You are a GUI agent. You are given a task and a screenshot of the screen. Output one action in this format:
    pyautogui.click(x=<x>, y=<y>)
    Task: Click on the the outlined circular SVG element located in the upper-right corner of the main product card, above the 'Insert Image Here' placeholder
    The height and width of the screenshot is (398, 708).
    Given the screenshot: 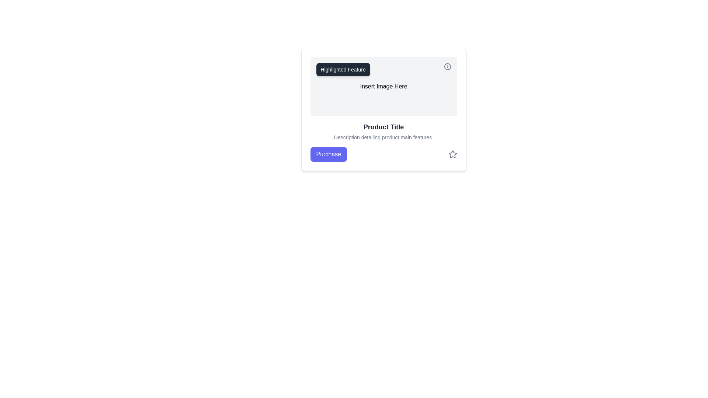 What is the action you would take?
    pyautogui.click(x=447, y=67)
    